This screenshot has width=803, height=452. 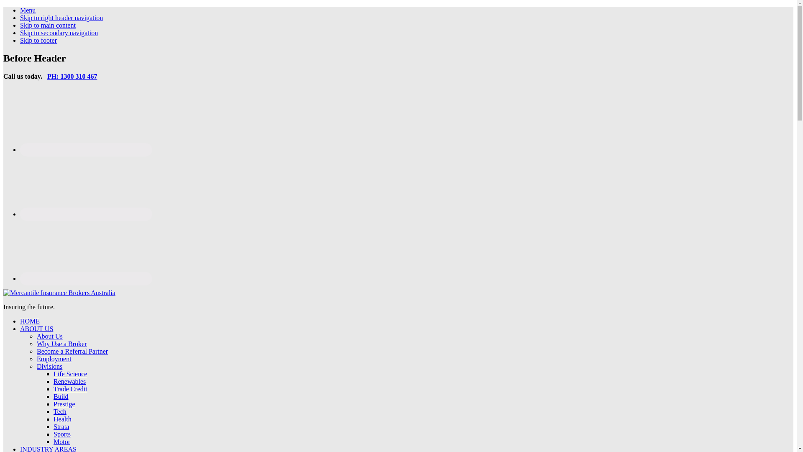 What do you see at coordinates (86, 214) in the screenshot?
I see `'LinkedIn'` at bounding box center [86, 214].